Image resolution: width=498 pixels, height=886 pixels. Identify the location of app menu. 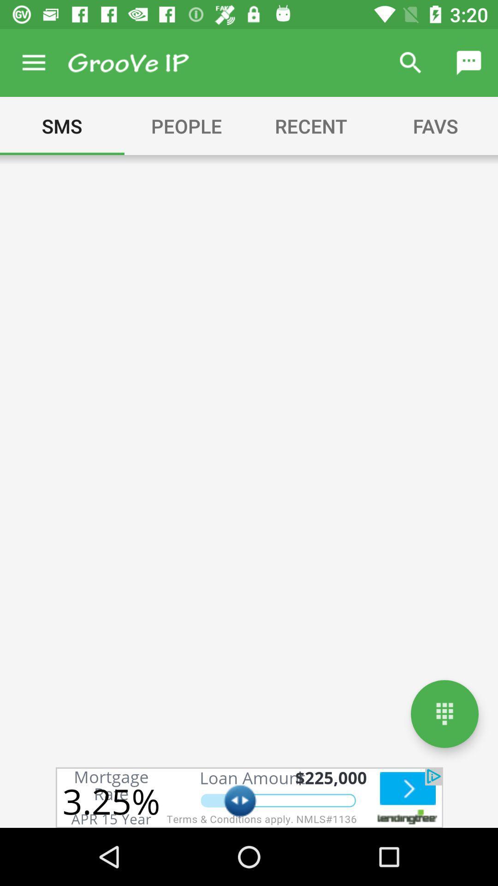
(128, 62).